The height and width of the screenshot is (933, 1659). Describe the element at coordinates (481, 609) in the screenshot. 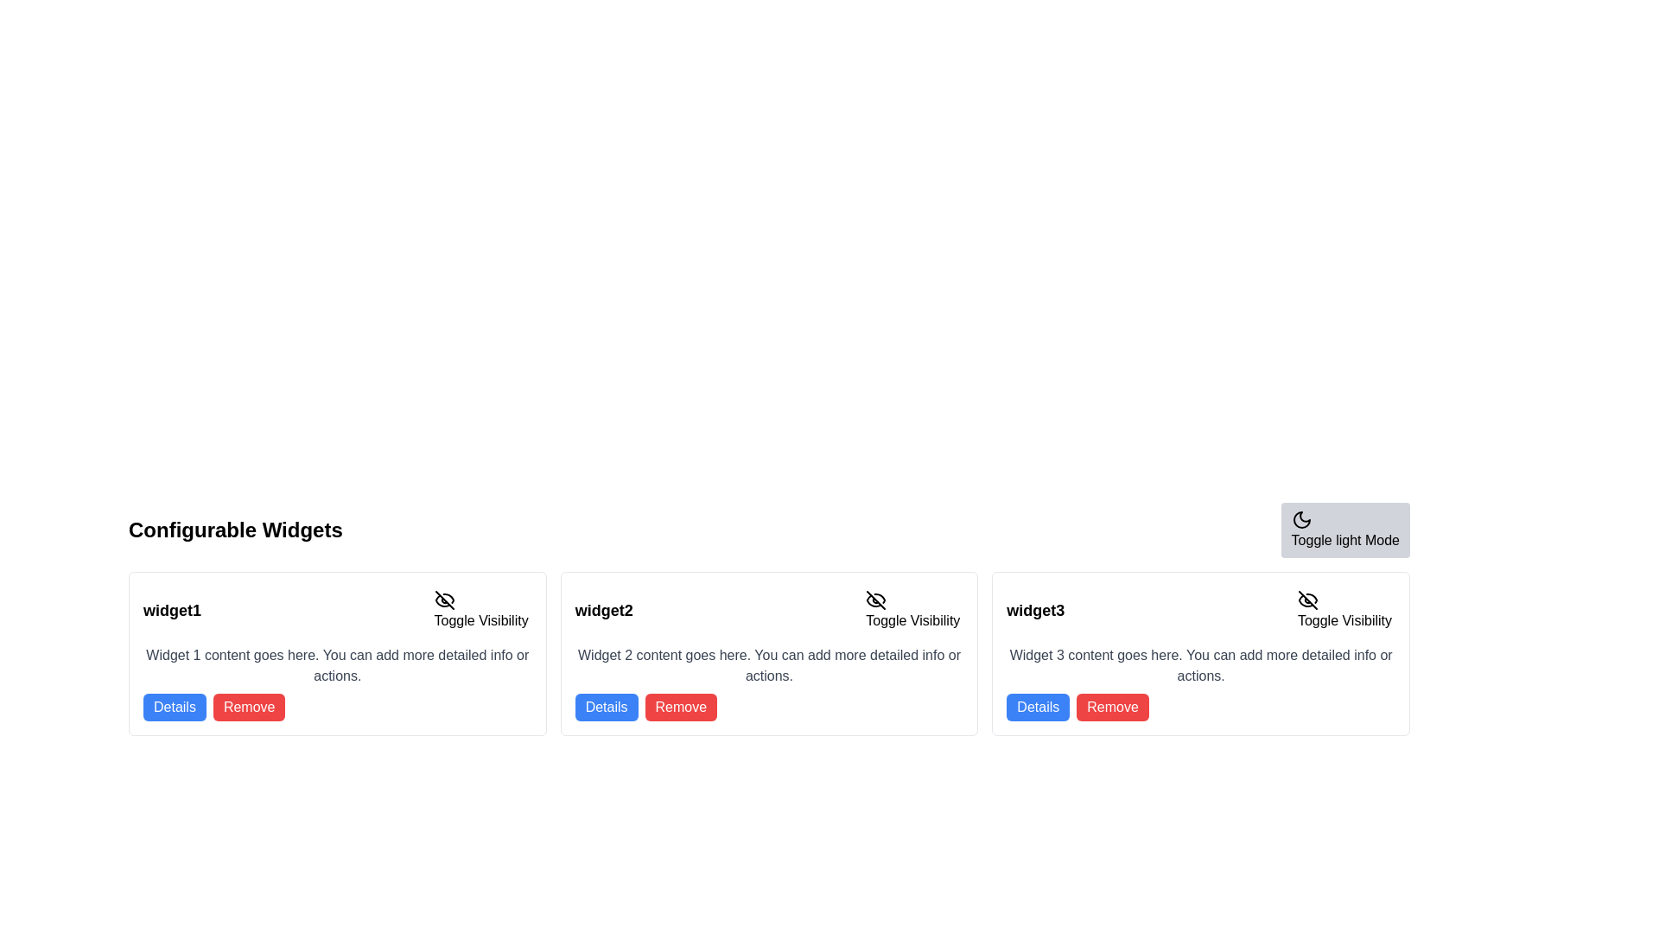

I see `the interactive button with an icon and text below the header 'Configurable Widgets' in the right section of the widget block titled 'widget1'` at that location.